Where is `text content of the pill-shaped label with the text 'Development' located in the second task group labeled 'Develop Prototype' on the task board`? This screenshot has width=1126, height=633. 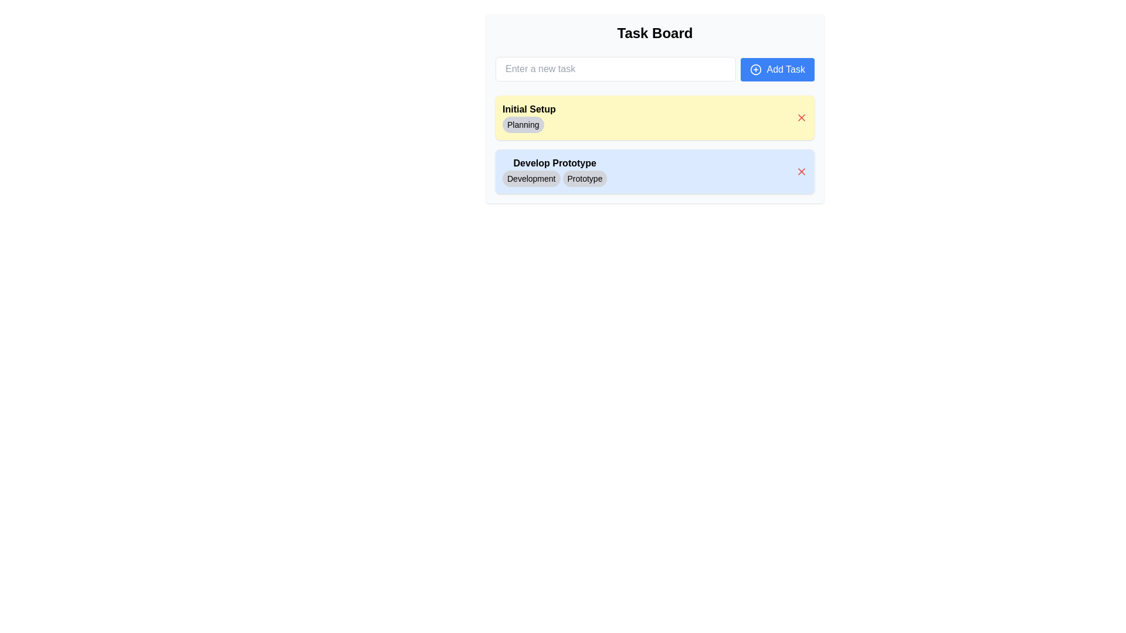
text content of the pill-shaped label with the text 'Development' located in the second task group labeled 'Develop Prototype' on the task board is located at coordinates (531, 178).